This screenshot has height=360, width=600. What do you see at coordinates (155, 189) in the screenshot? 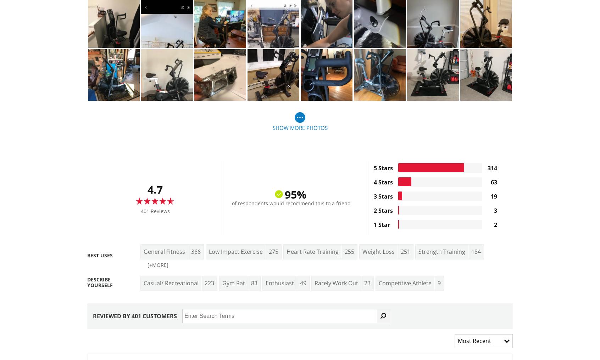
I see `'4.7'` at bounding box center [155, 189].